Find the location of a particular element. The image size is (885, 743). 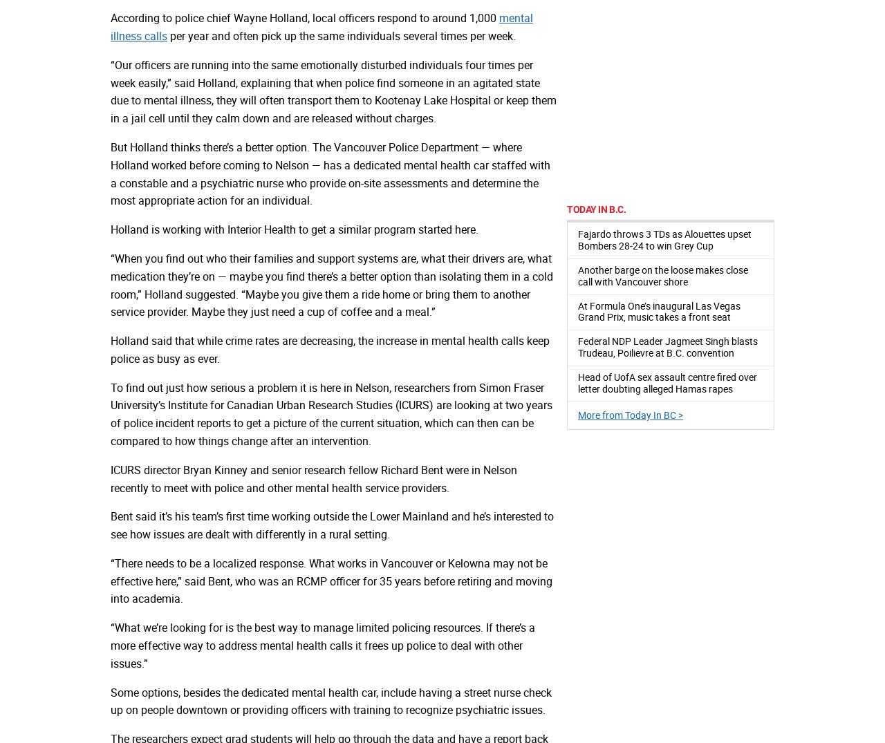

'More from Today In BC >' is located at coordinates (577, 414).